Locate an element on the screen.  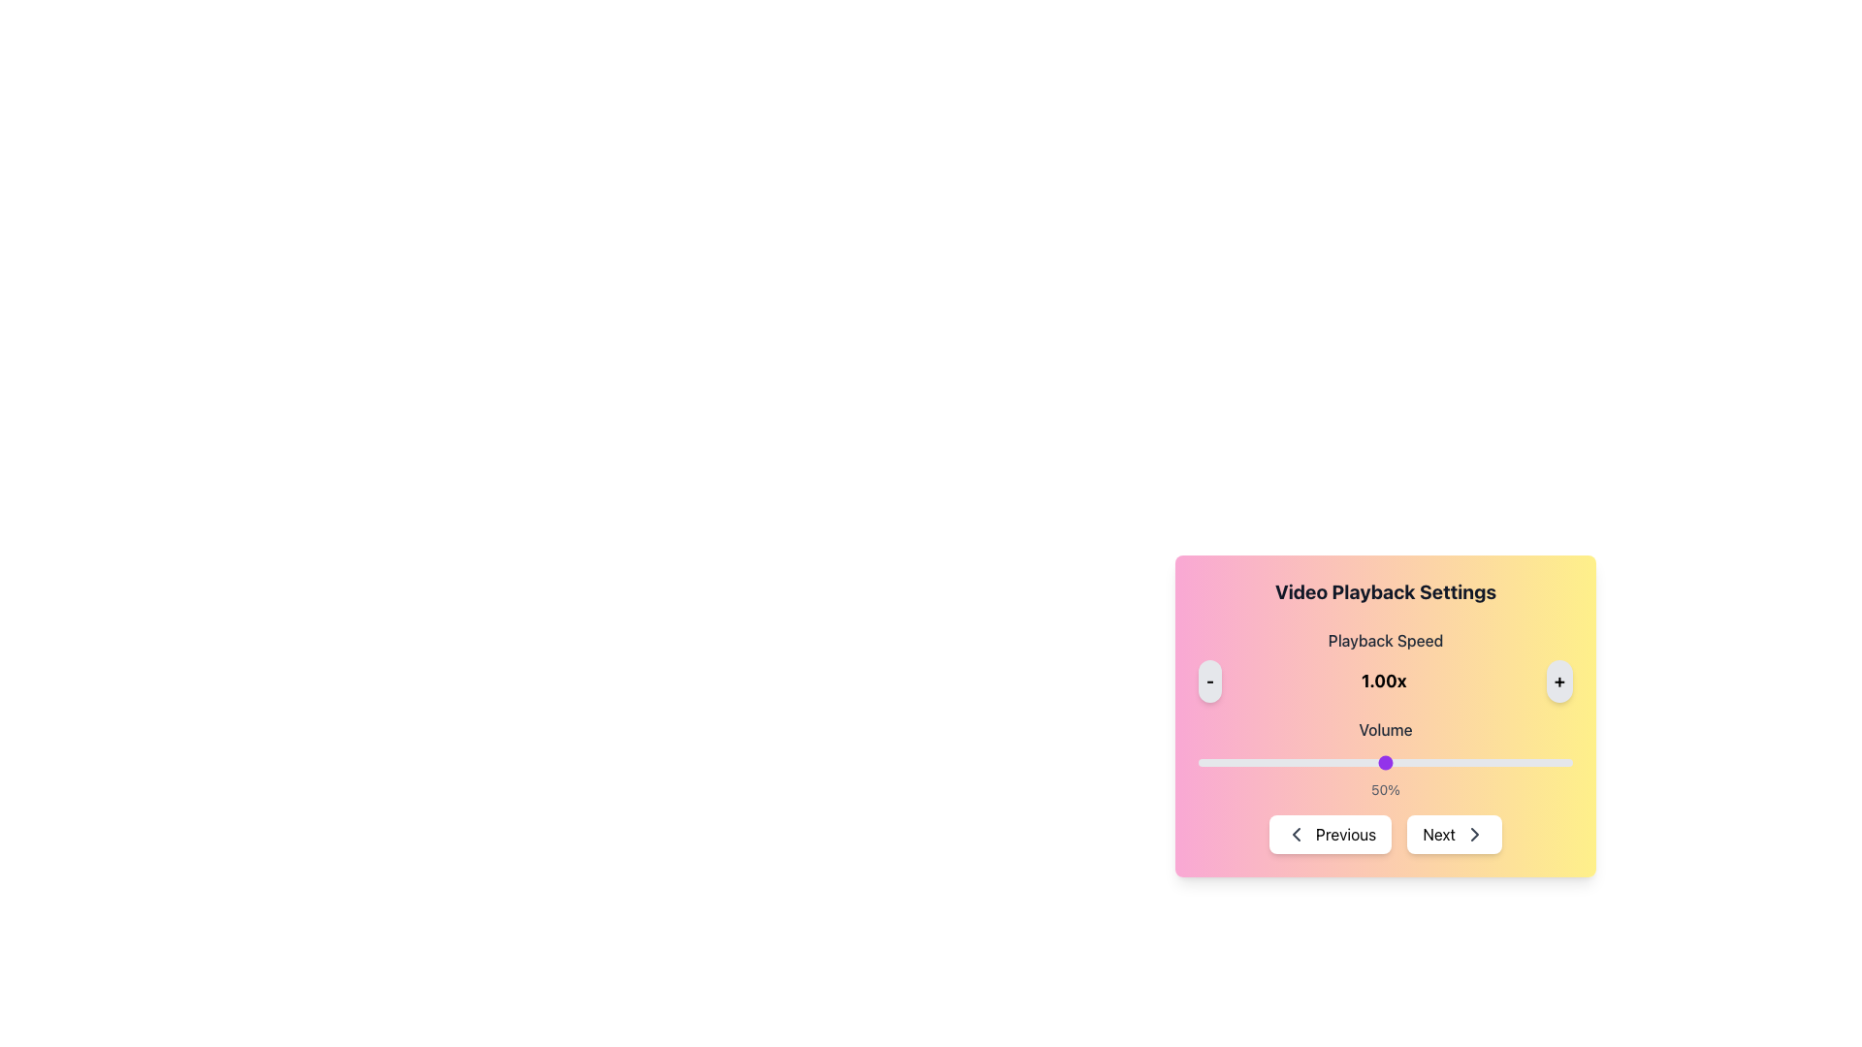
the volume is located at coordinates (1482, 761).